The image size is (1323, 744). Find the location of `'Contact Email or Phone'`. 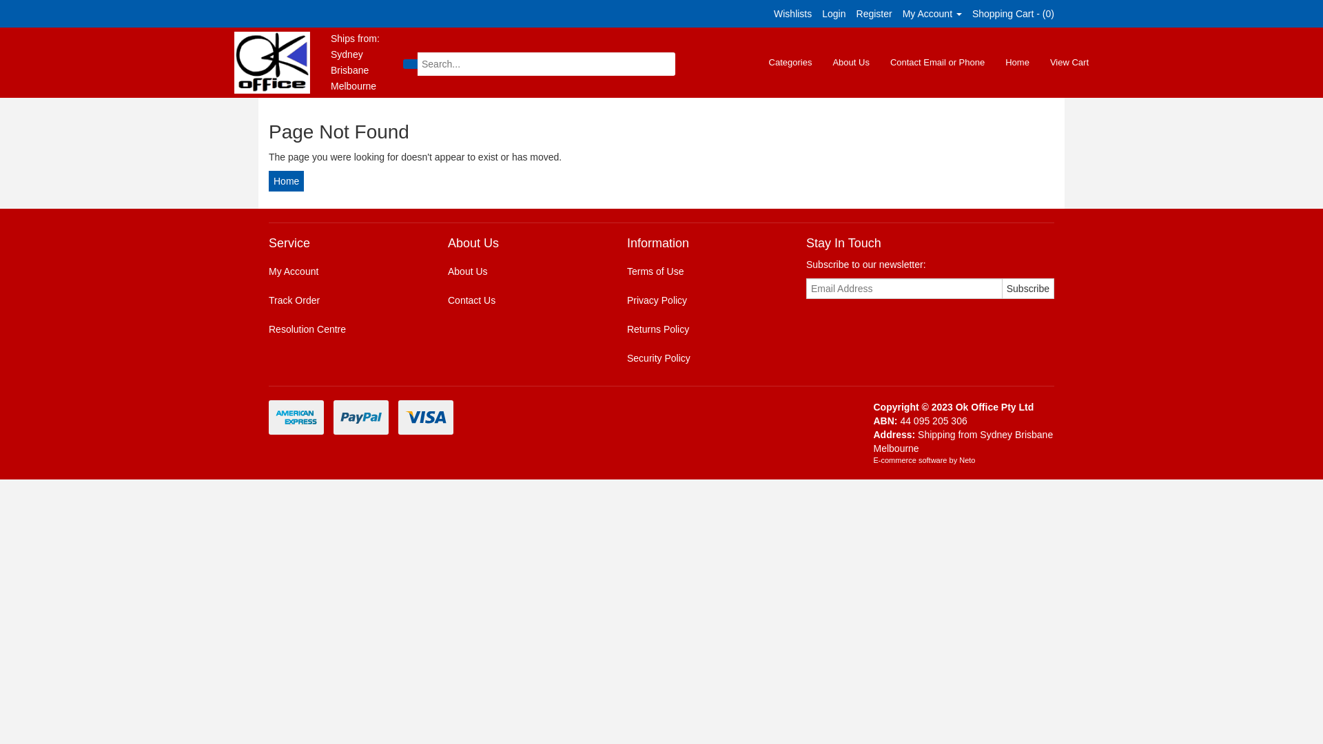

'Contact Email or Phone' is located at coordinates (937, 63).